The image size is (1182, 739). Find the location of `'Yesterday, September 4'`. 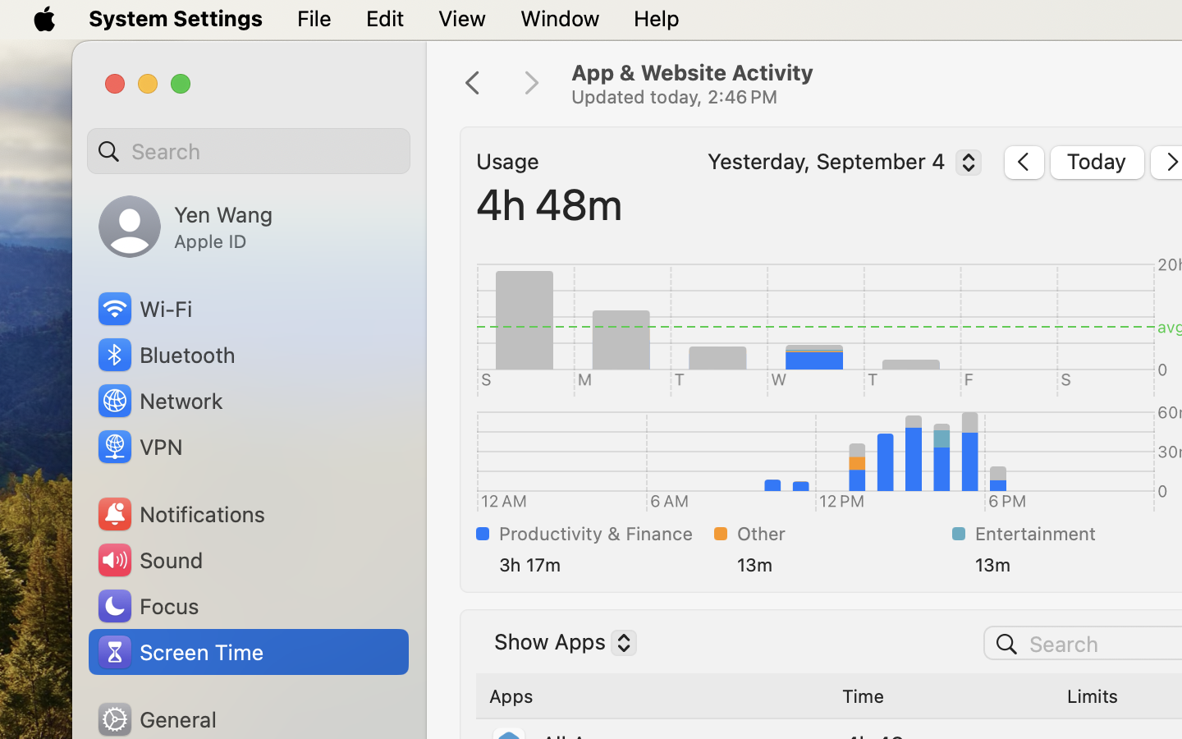

'Yesterday, September 4' is located at coordinates (840, 164).